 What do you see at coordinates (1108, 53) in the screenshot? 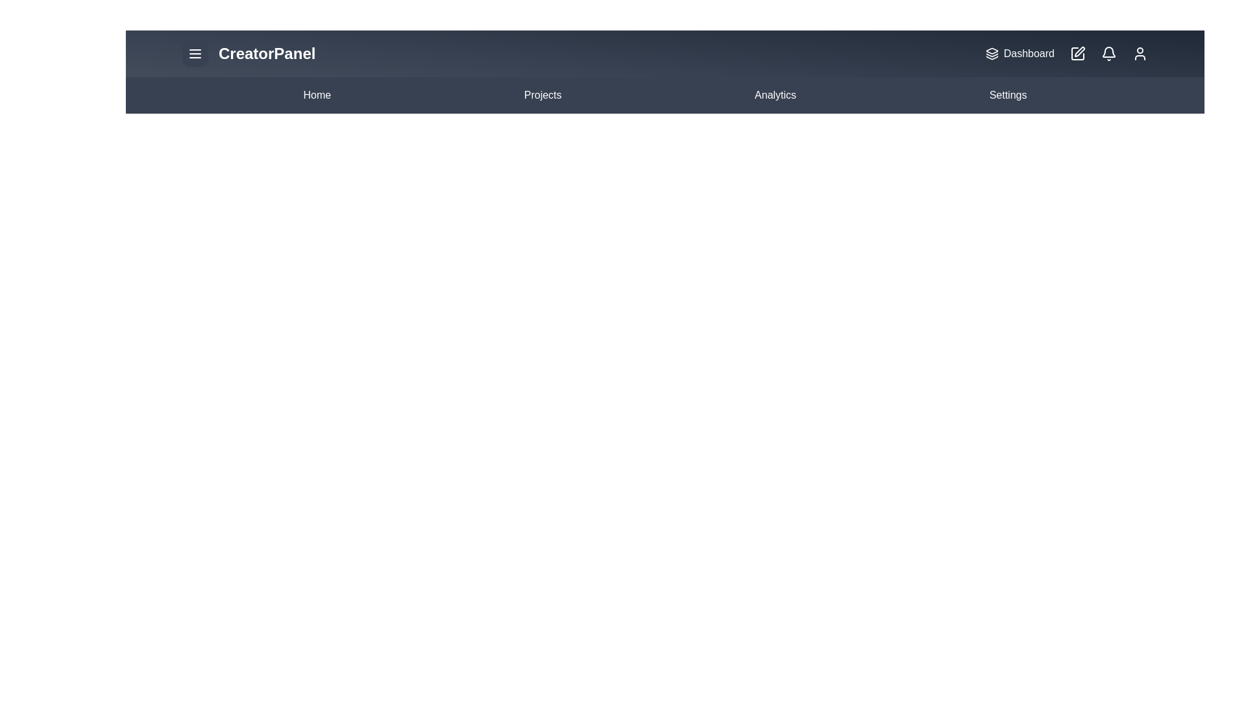
I see `the 'Notifications' button represented by the bell icon` at bounding box center [1108, 53].